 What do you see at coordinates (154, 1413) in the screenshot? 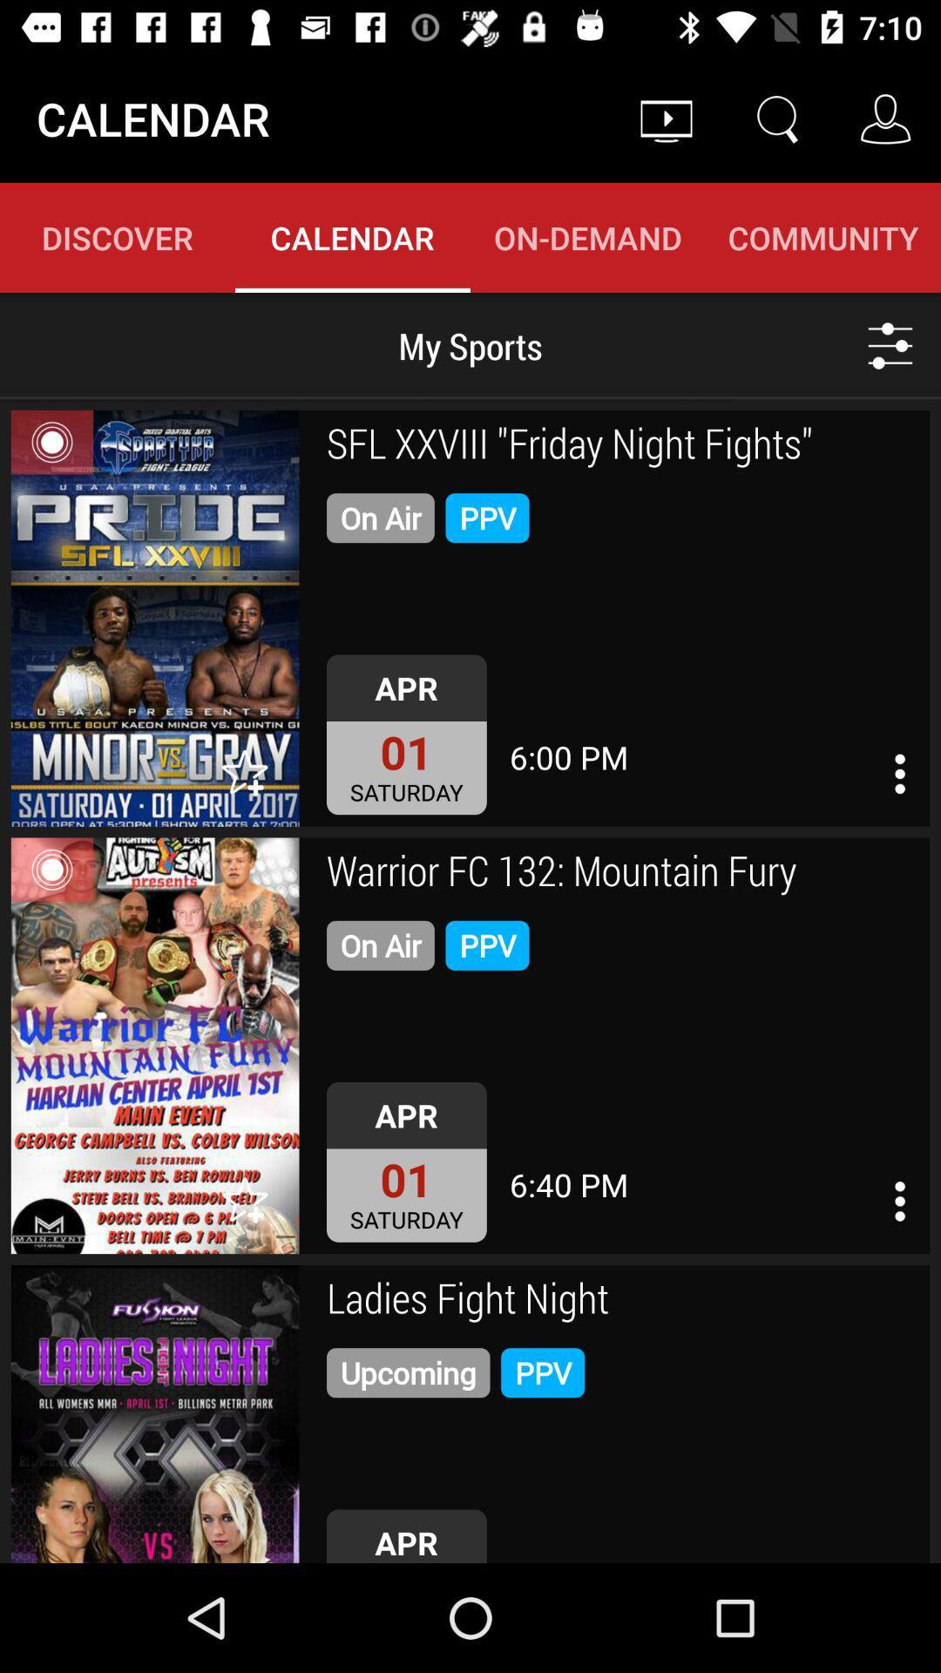
I see `image` at bounding box center [154, 1413].